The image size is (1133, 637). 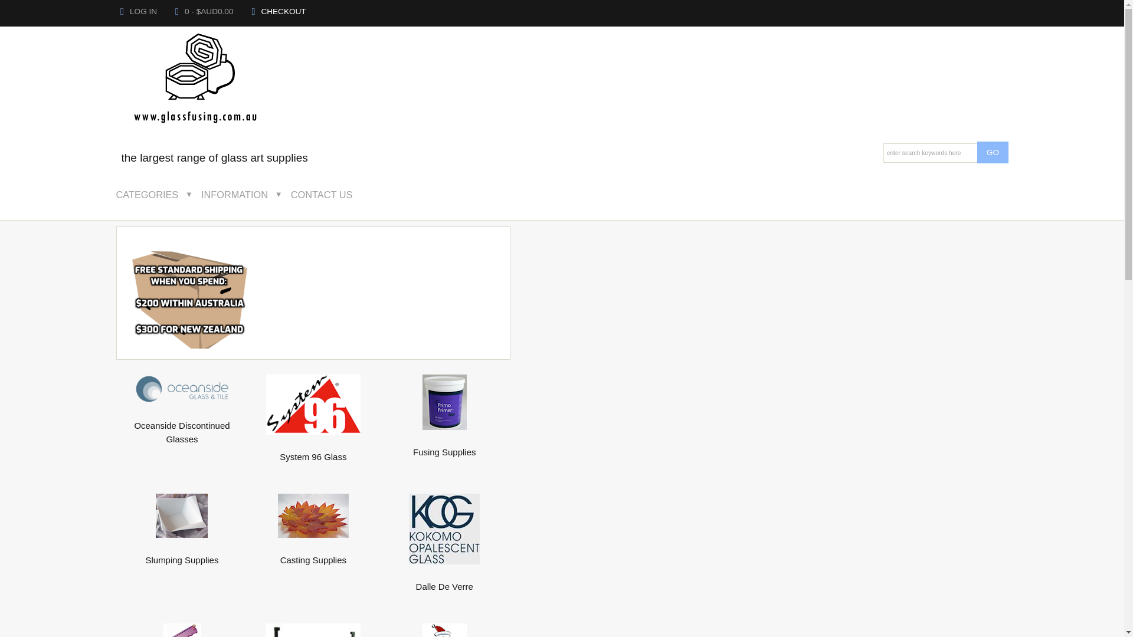 I want to click on 'Fusing Supplies', so click(x=444, y=445).